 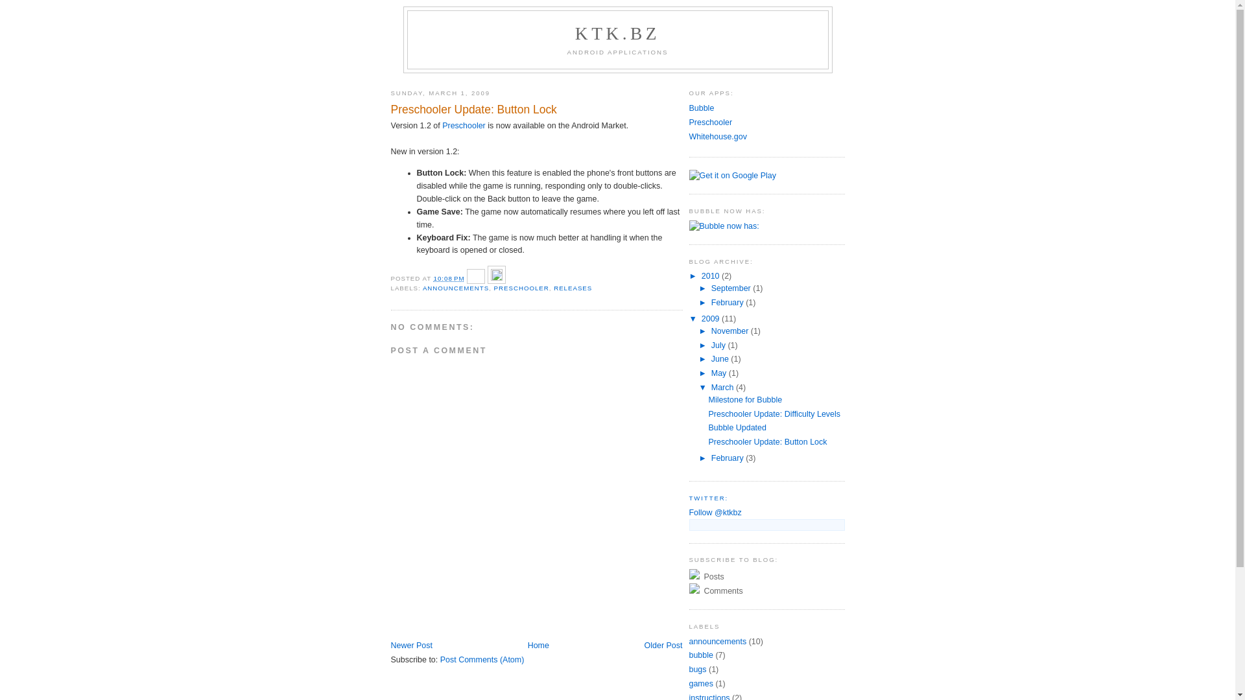 I want to click on 'KTK.BZ', so click(x=575, y=32).